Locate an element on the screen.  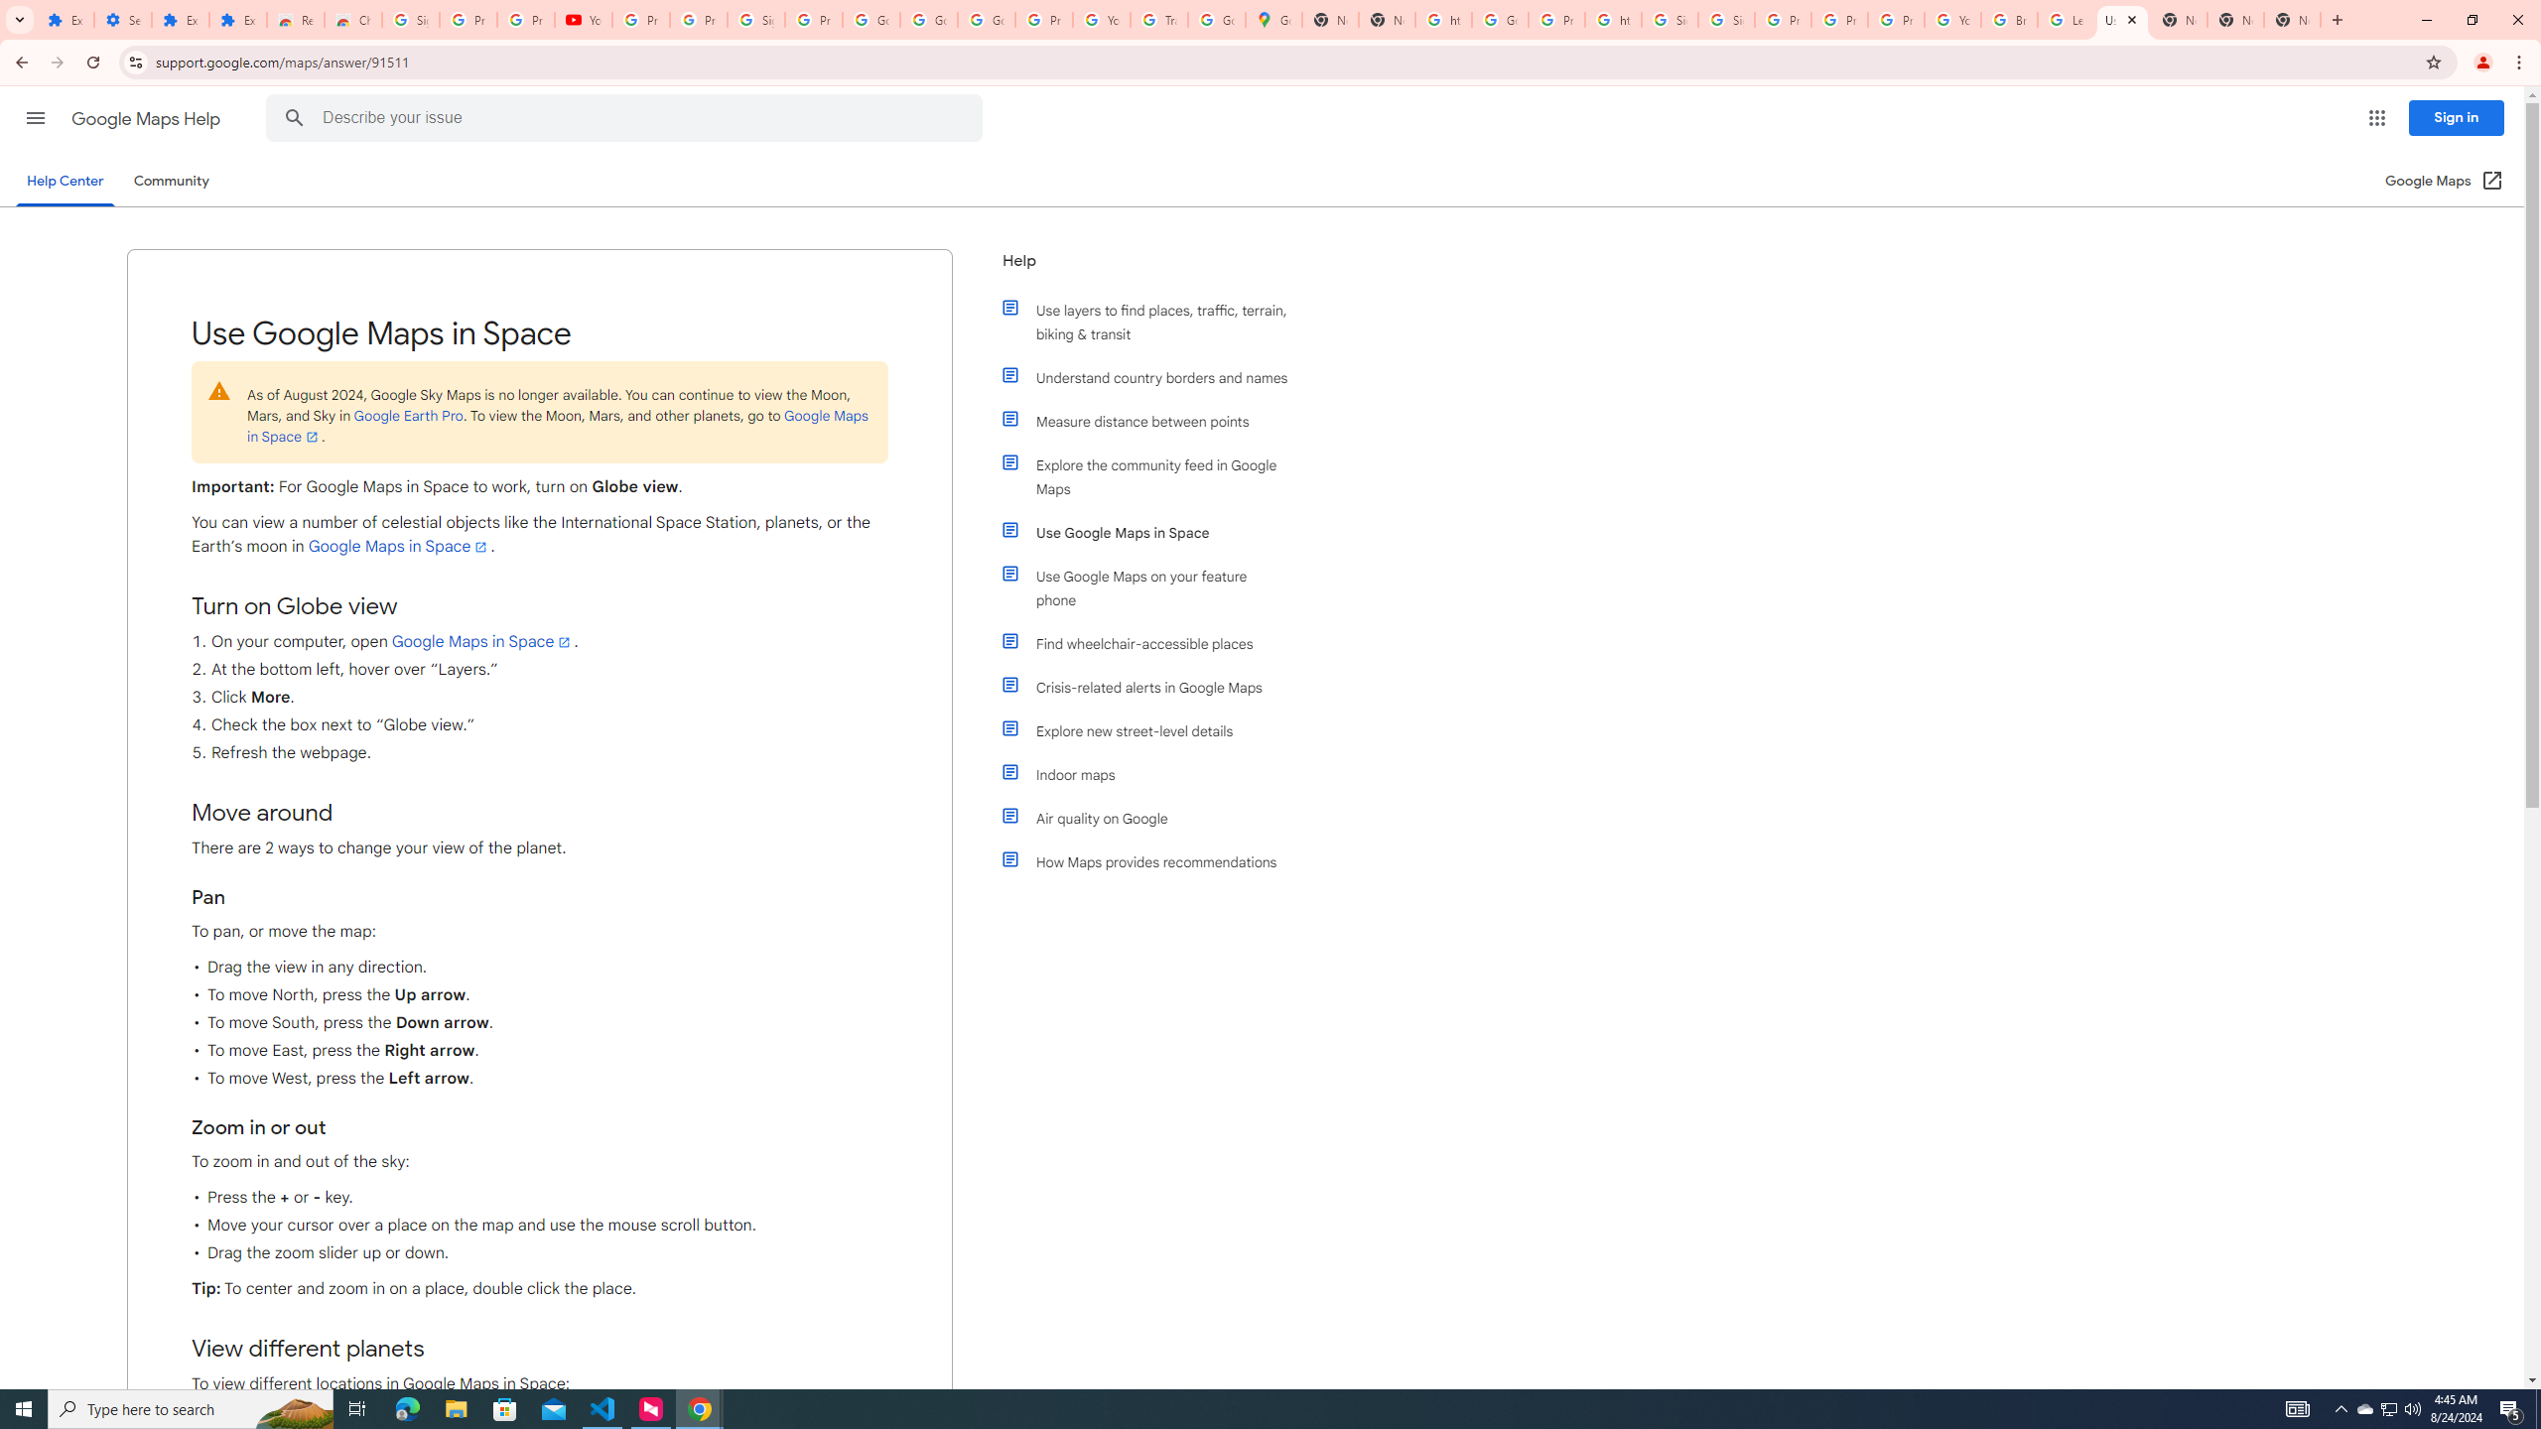
'Use Google Maps in Space - Google Maps Help' is located at coordinates (2121, 19).